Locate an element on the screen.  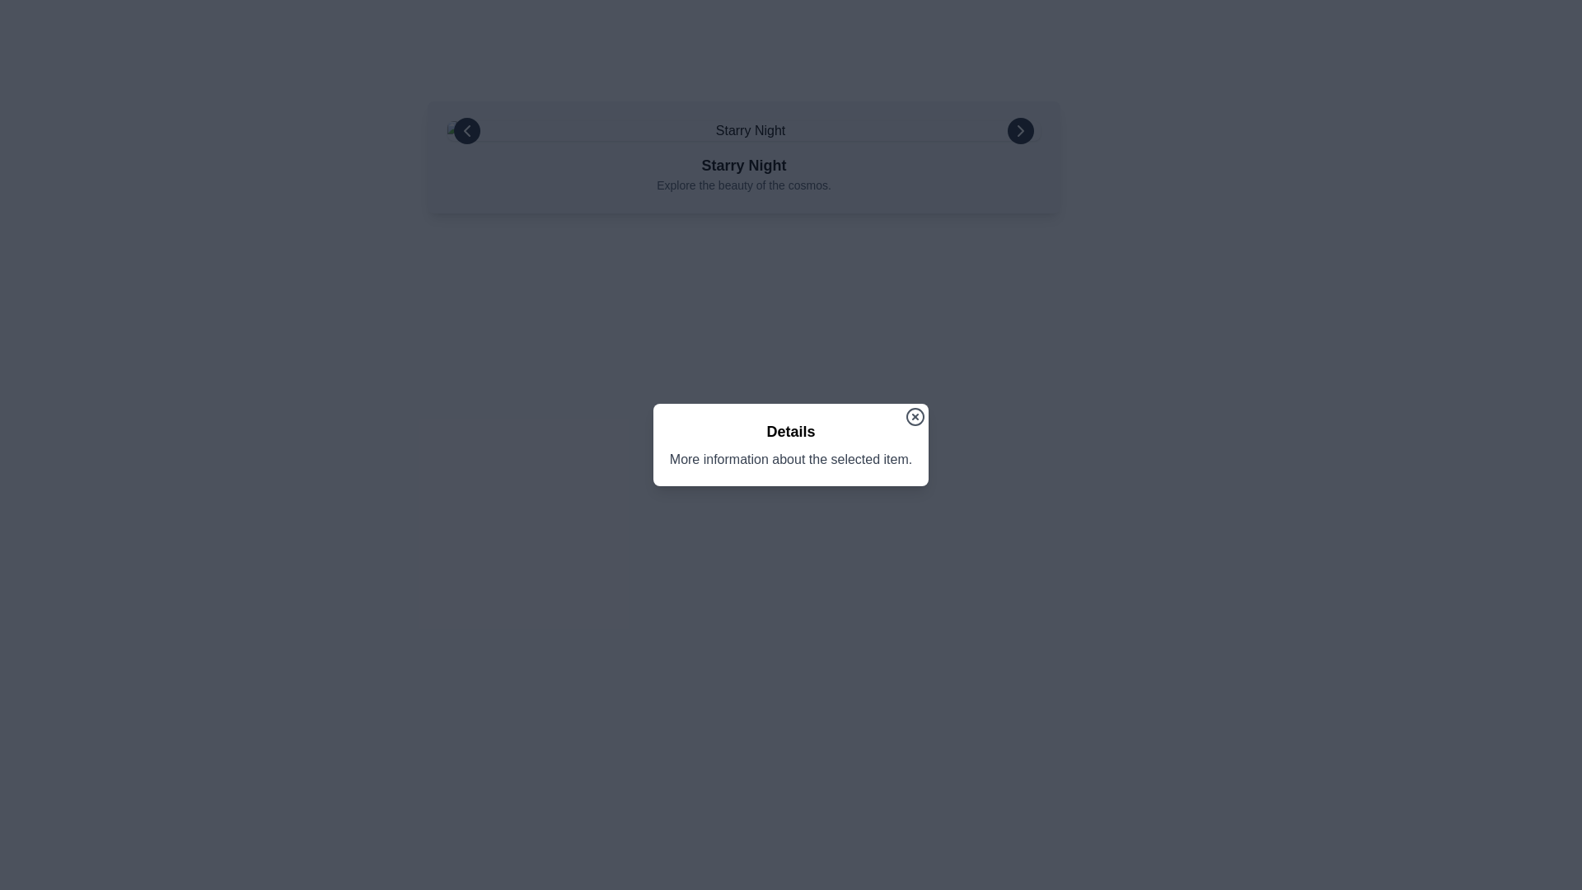
the circular button with a dark gray background and white chevron pointing left, located on the left side of a carousel interface is located at coordinates (466, 129).